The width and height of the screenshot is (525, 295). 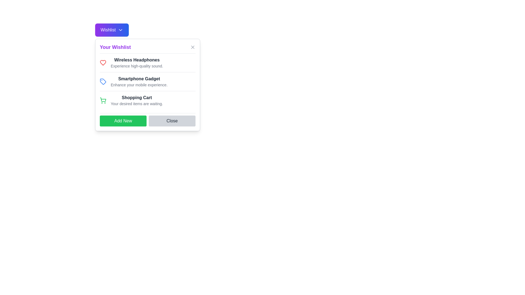 I want to click on the dropdown button located at the top-left corner of the modal, so click(x=147, y=30).